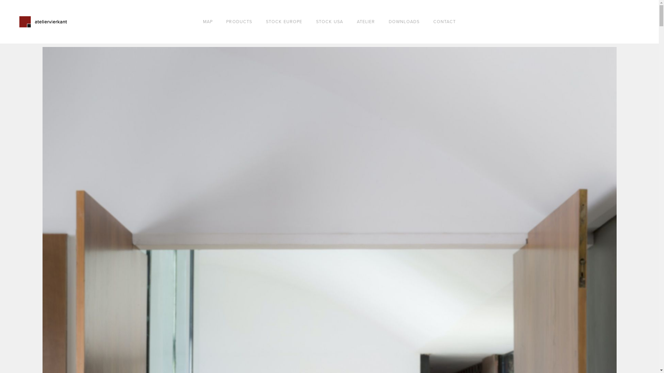 The height and width of the screenshot is (373, 664). Describe the element at coordinates (445, 21) in the screenshot. I see `'CONTACT'` at that location.